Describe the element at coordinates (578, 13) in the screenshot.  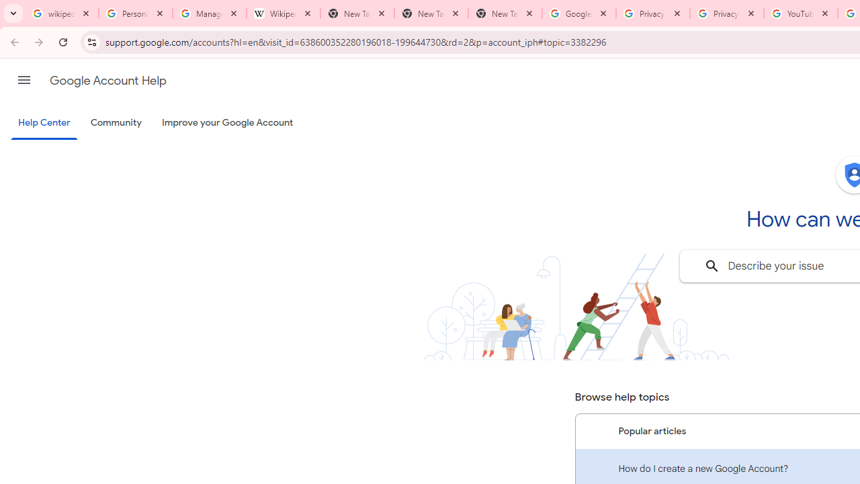
I see `'Google Drive: Sign-in'` at that location.